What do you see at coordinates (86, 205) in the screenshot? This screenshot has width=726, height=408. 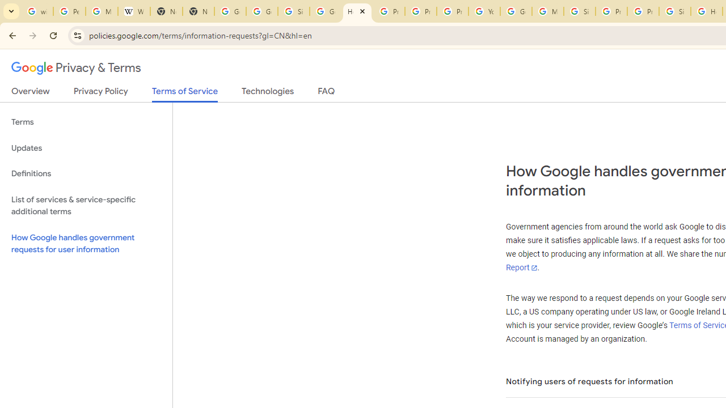 I see `'List of services & service-specific additional terms'` at bounding box center [86, 205].